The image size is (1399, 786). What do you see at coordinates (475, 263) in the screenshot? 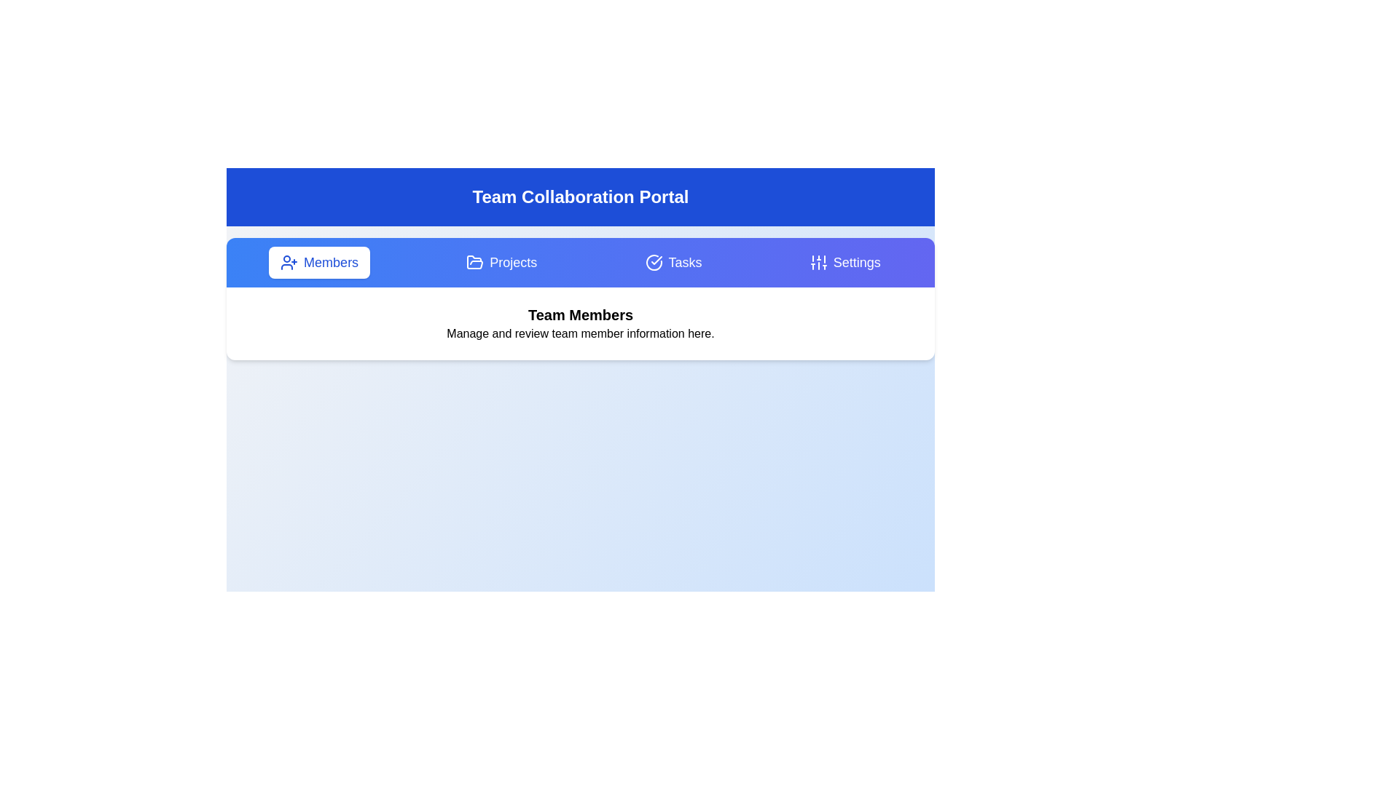
I see `the decorative icon representing the 'Projects' section located to the left of the text label 'Projects' in the main navigation toolbar` at bounding box center [475, 263].